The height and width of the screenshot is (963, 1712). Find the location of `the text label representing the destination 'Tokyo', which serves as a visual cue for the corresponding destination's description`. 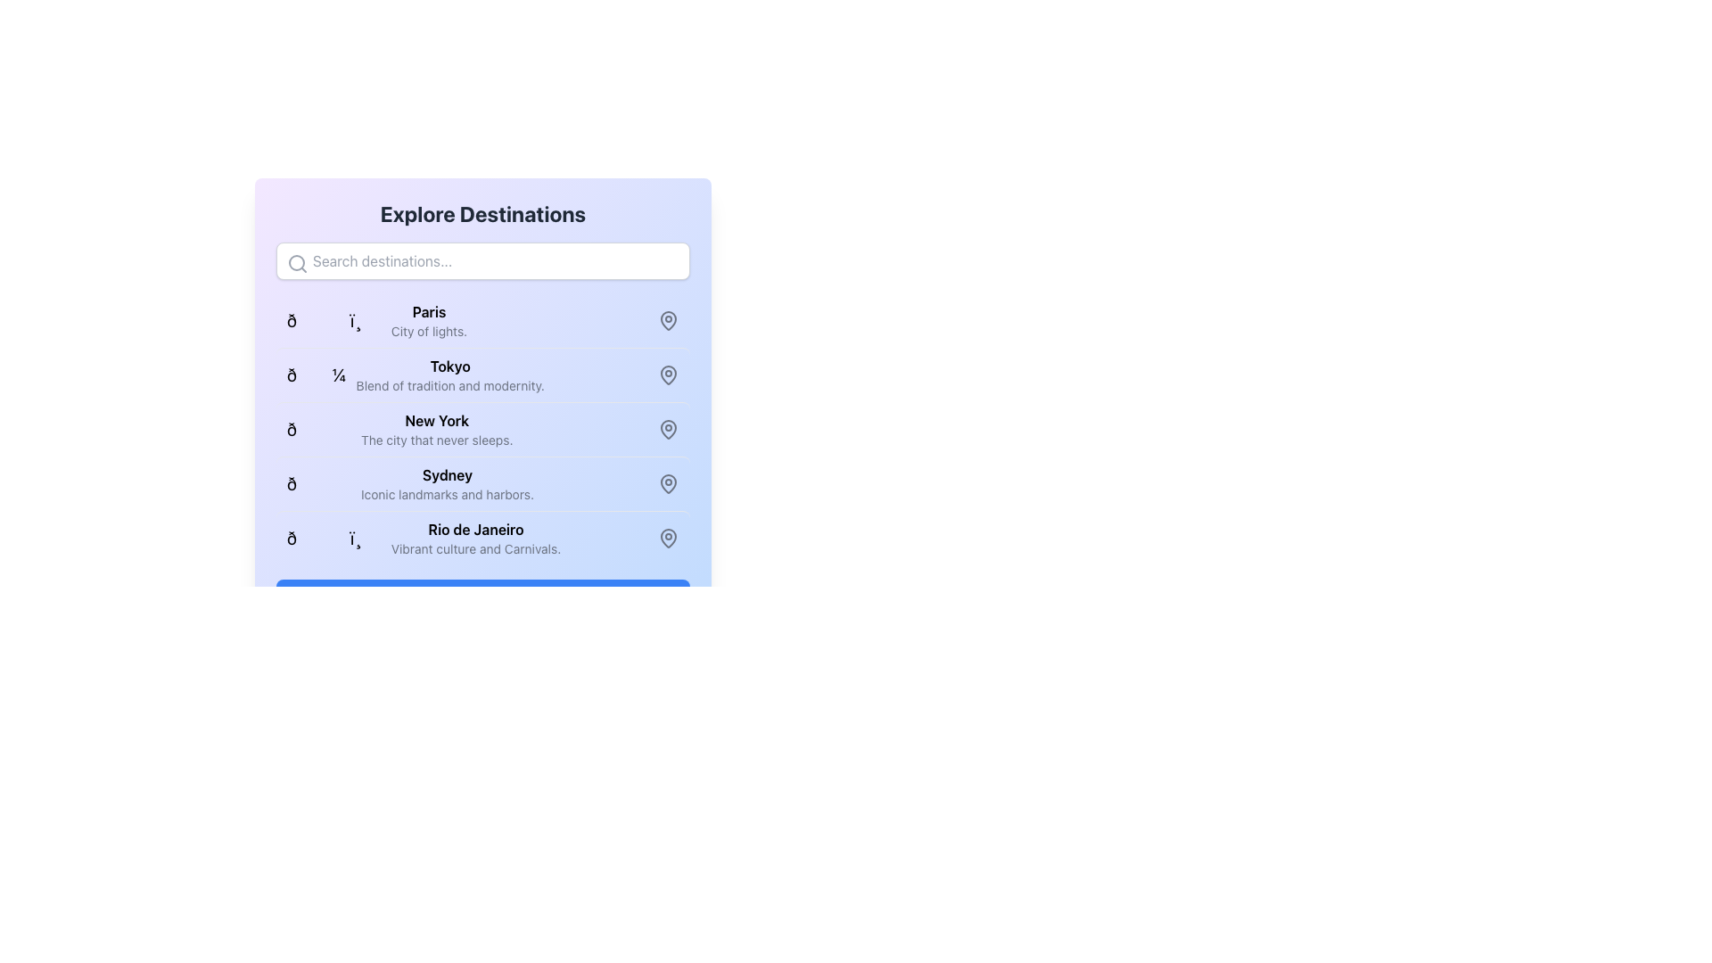

the text label representing the destination 'Tokyo', which serves as a visual cue for the corresponding destination's description is located at coordinates (450, 366).